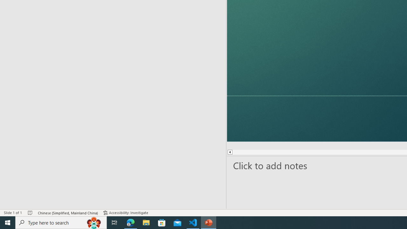  What do you see at coordinates (15, 218) in the screenshot?
I see `'AutomationID: BadgeAnchorLargeTicker'` at bounding box center [15, 218].